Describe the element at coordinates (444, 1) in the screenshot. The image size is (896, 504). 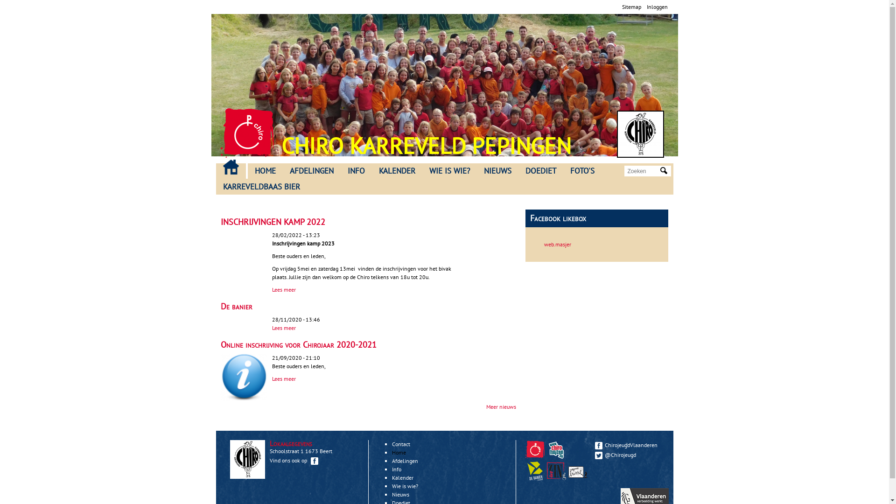
I see `'Jump to navigation'` at that location.